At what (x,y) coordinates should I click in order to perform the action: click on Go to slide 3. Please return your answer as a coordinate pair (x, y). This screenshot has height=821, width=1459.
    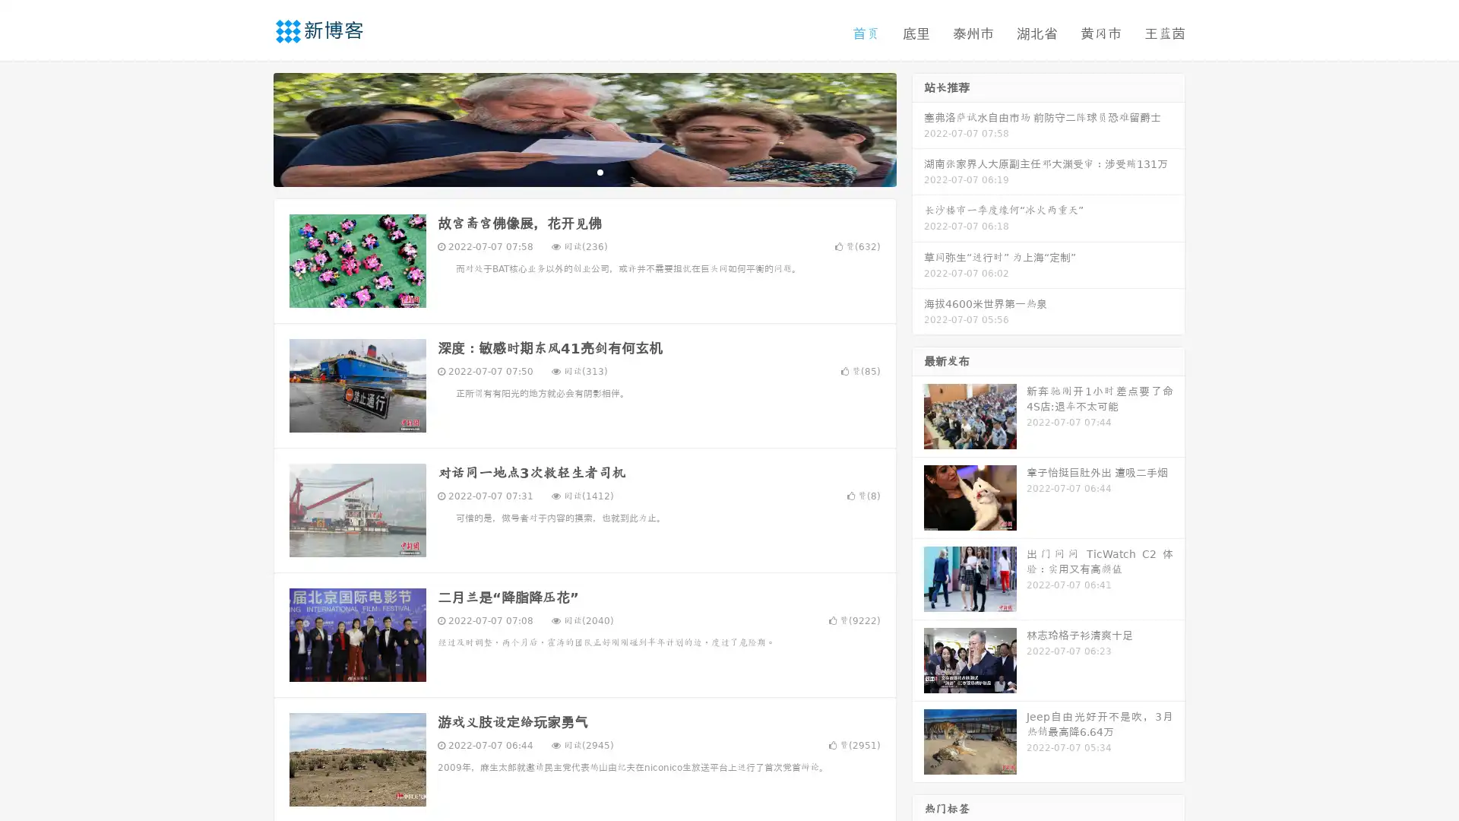
    Looking at the image, I should click on (600, 171).